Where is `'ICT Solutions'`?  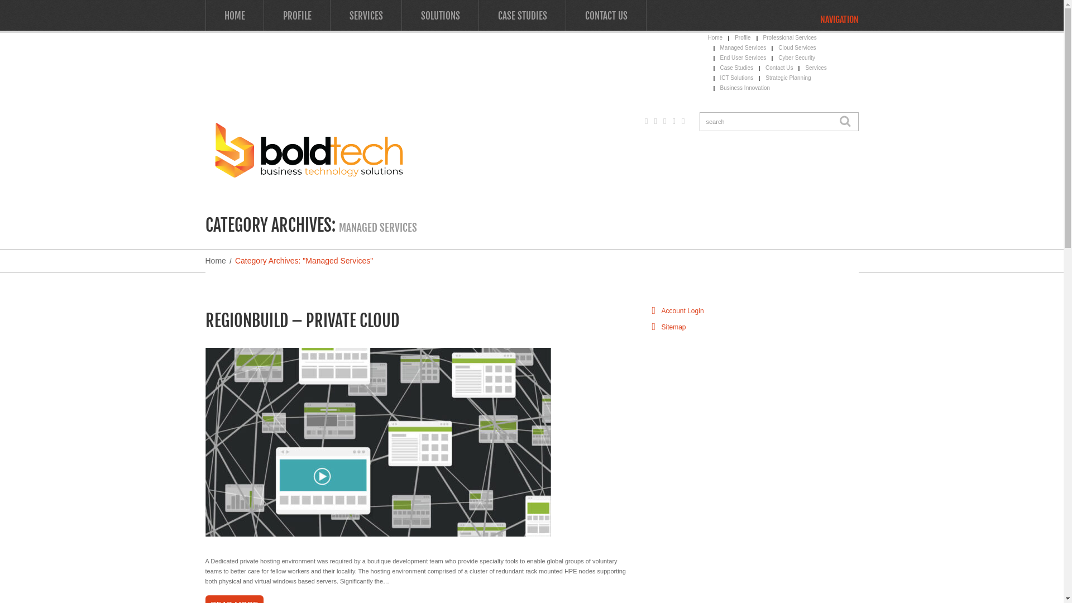 'ICT Solutions' is located at coordinates (737, 77).